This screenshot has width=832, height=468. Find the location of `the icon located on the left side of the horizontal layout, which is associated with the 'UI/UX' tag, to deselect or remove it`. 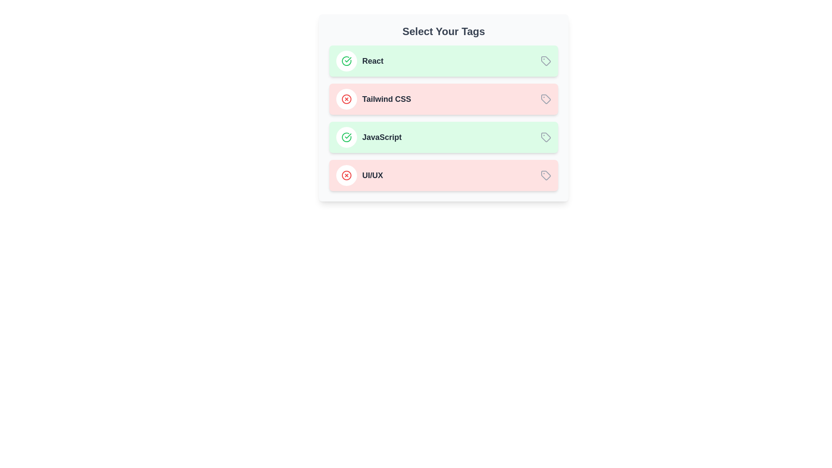

the icon located on the left side of the horizontal layout, which is associated with the 'UI/UX' tag, to deselect or remove it is located at coordinates (347, 175).